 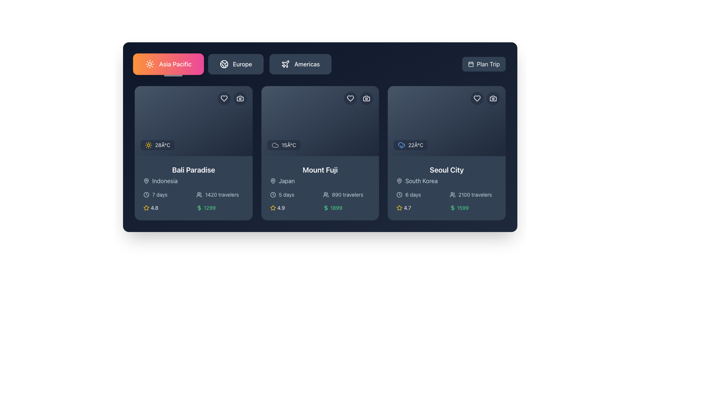 I want to click on the Rating star icon located to the left of the numeric value '4.9', which visually indicates a rating score, so click(x=272, y=208).